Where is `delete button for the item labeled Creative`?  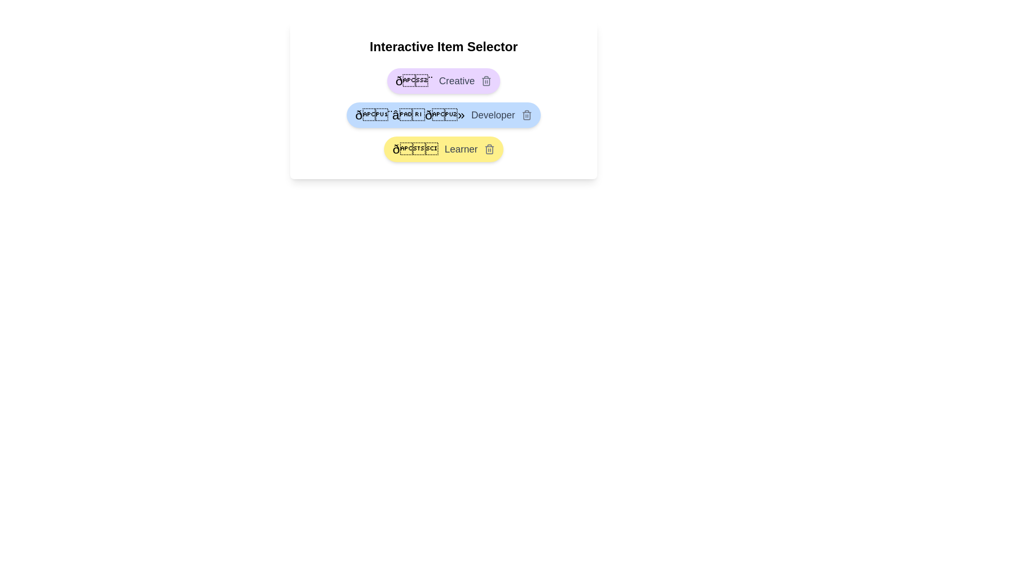 delete button for the item labeled Creative is located at coordinates (486, 80).